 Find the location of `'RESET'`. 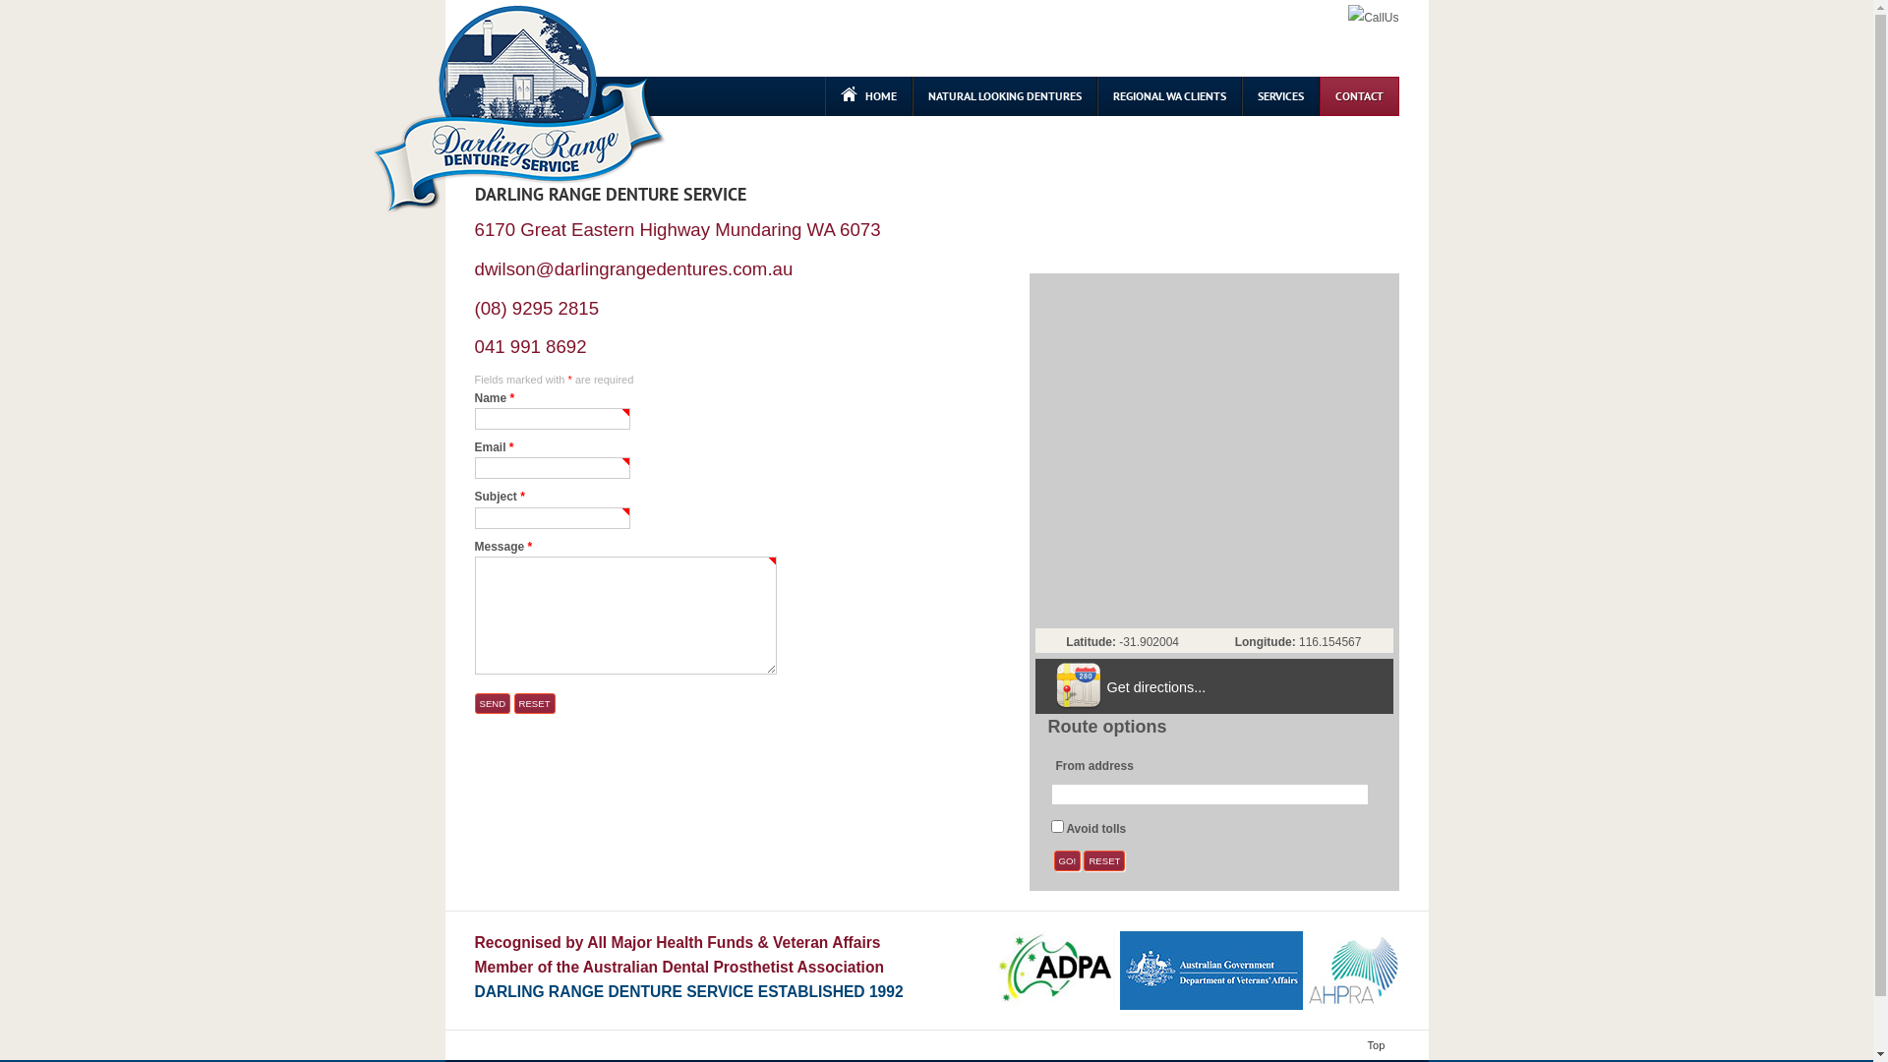

'RESET' is located at coordinates (1104, 859).